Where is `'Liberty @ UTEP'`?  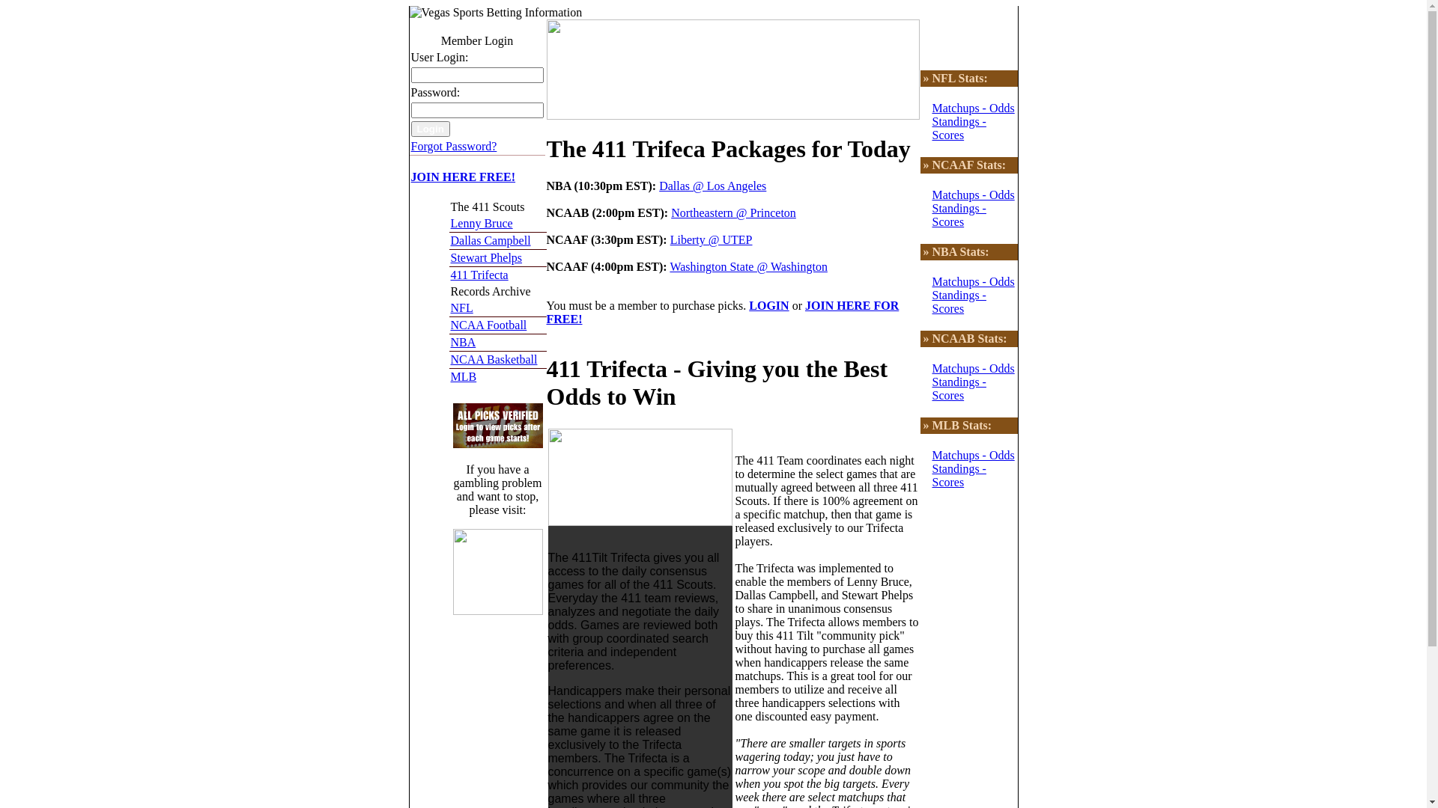
'Liberty @ UTEP' is located at coordinates (711, 239).